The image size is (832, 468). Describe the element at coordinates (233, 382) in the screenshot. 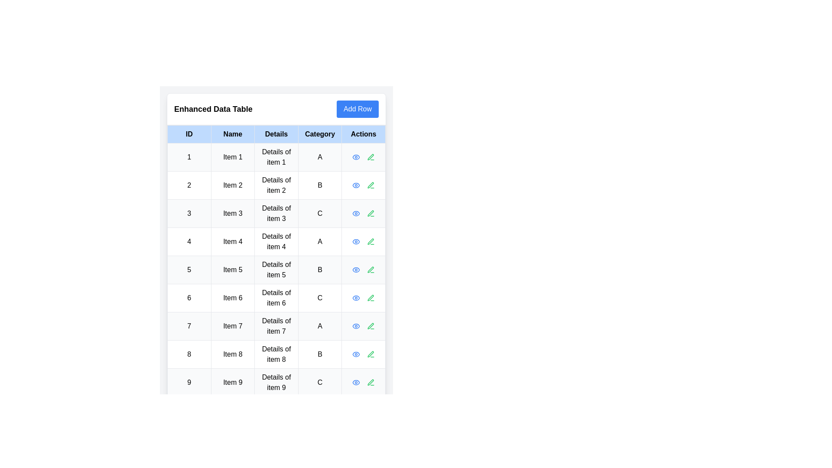

I see `the table cell displaying 'Item 9' in the 'Name' column of the last row (row 9) of the table` at that location.